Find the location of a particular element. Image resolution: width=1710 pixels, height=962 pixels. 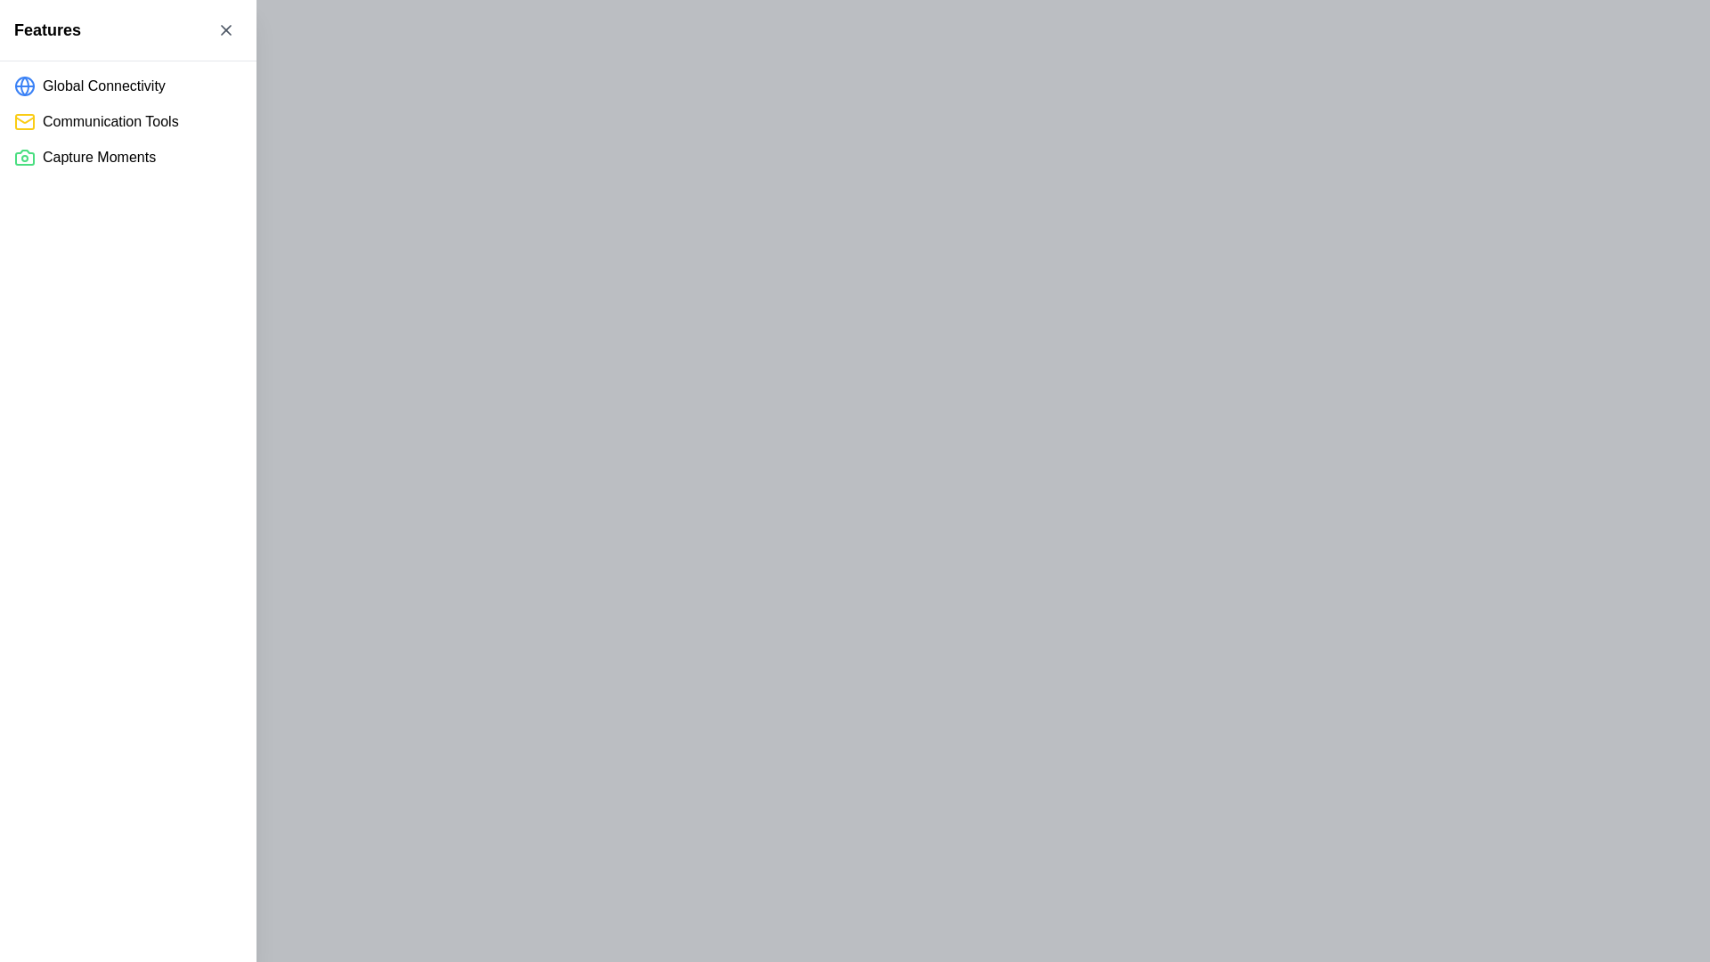

the 'Capture Moments' list item with a camera icon is located at coordinates (127, 157).